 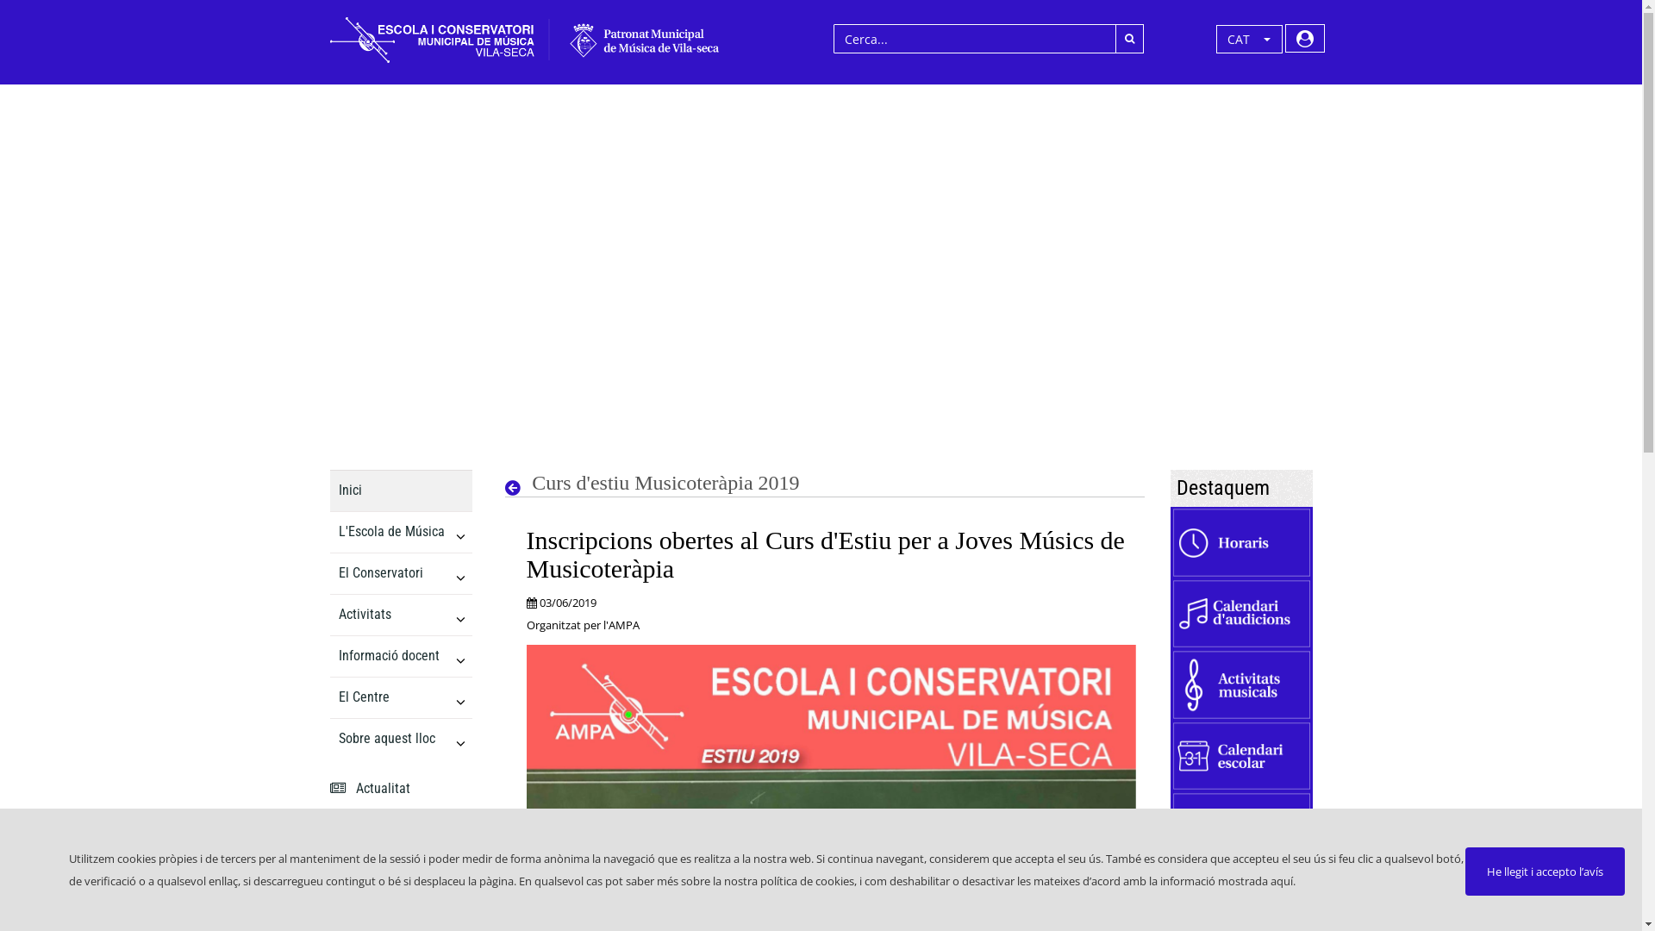 What do you see at coordinates (388, 788) in the screenshot?
I see `'    Actualitat'` at bounding box center [388, 788].